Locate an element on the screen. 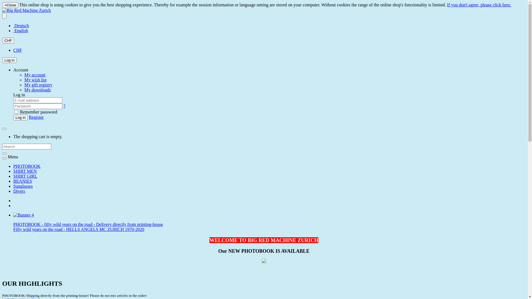 This screenshot has width=532, height=299. 'Search' is located at coordinates (2, 153).